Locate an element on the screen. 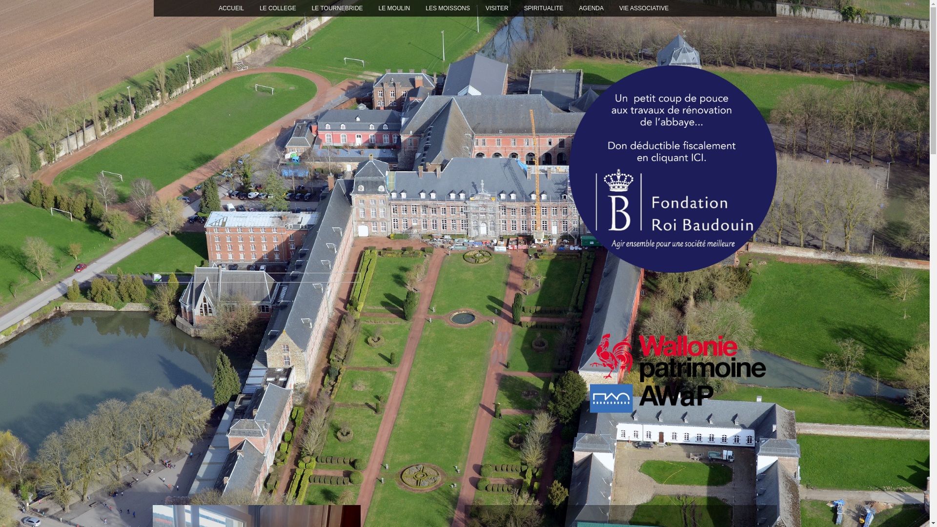 The width and height of the screenshot is (937, 527). 'LE MOULIN' is located at coordinates (394, 8).